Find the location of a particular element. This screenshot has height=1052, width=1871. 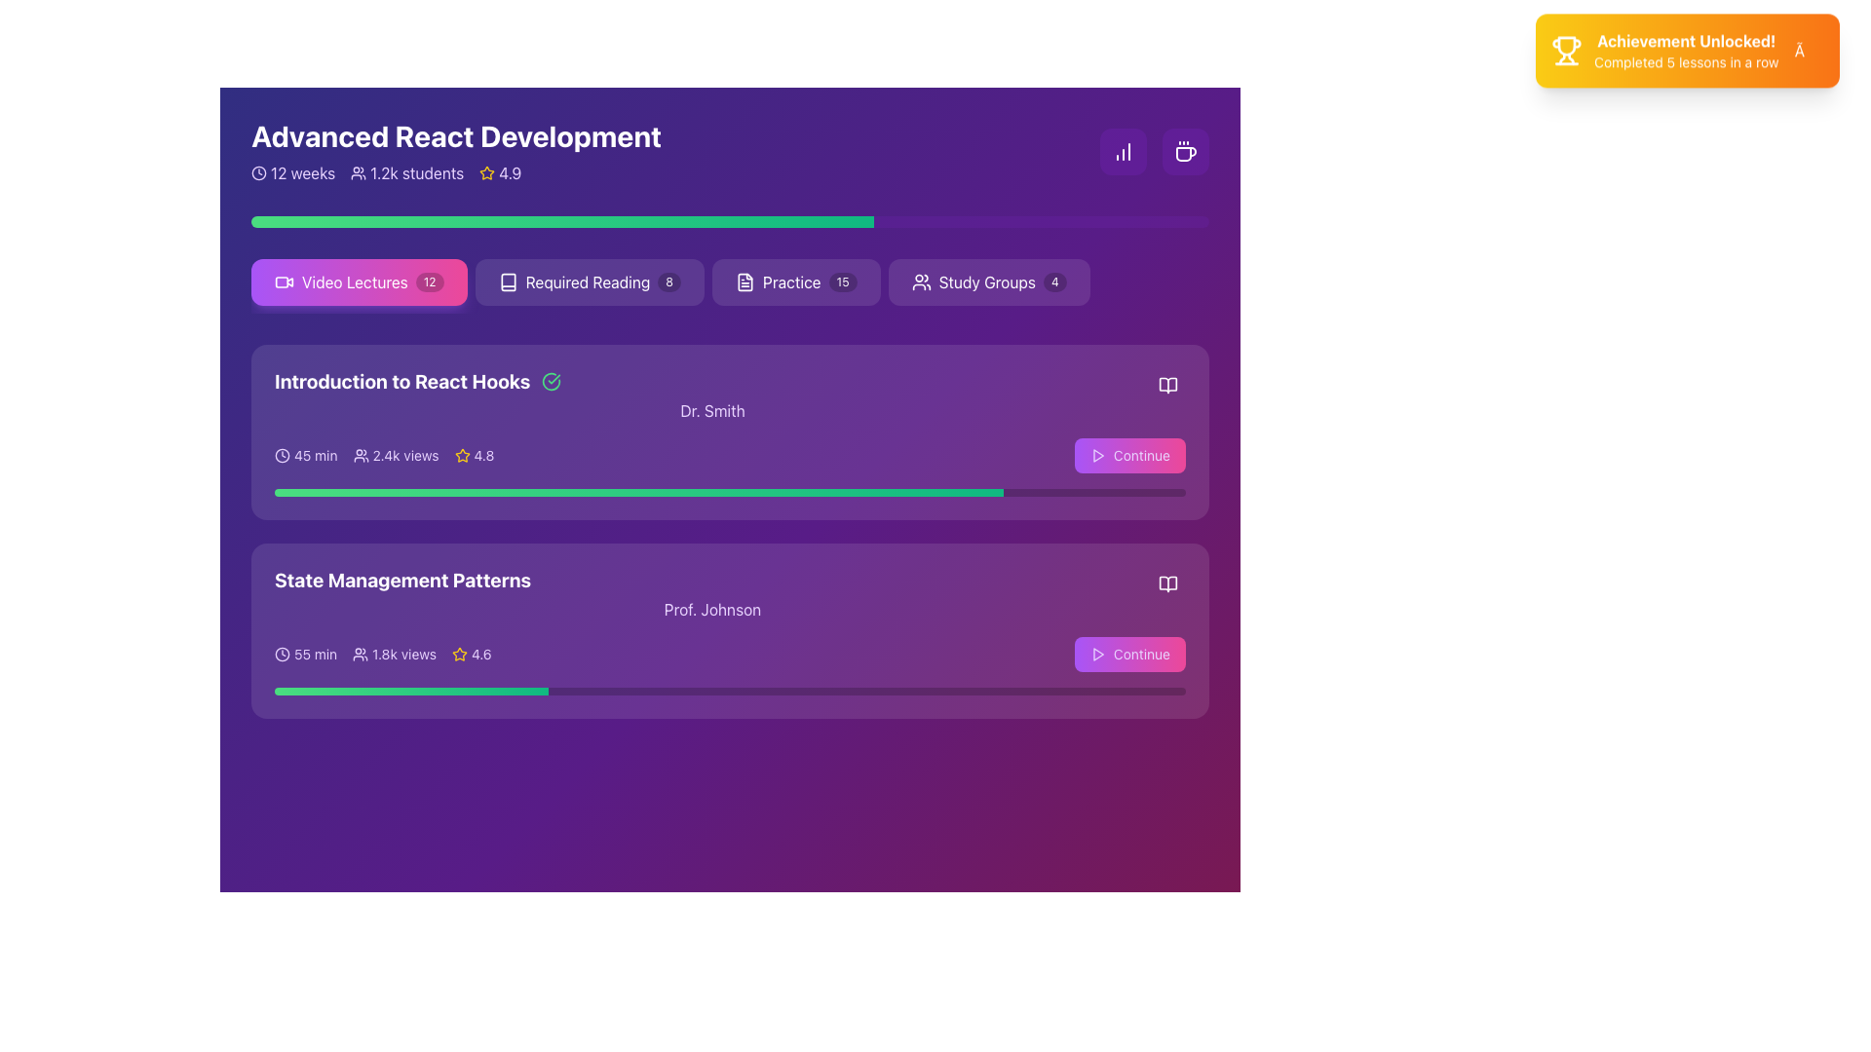

the displayed numeric count in the Text badge located at the top right corner of the 'Video Lectures' button, adjacent to the text 'Video Lectures' is located at coordinates (429, 282).